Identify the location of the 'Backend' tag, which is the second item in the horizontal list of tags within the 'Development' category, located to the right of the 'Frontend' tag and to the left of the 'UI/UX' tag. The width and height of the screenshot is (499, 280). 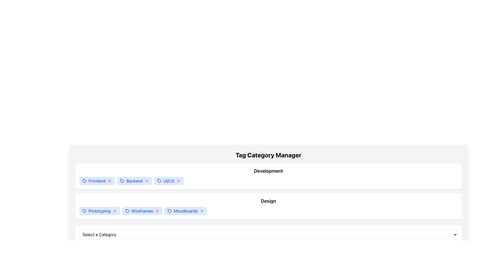
(134, 181).